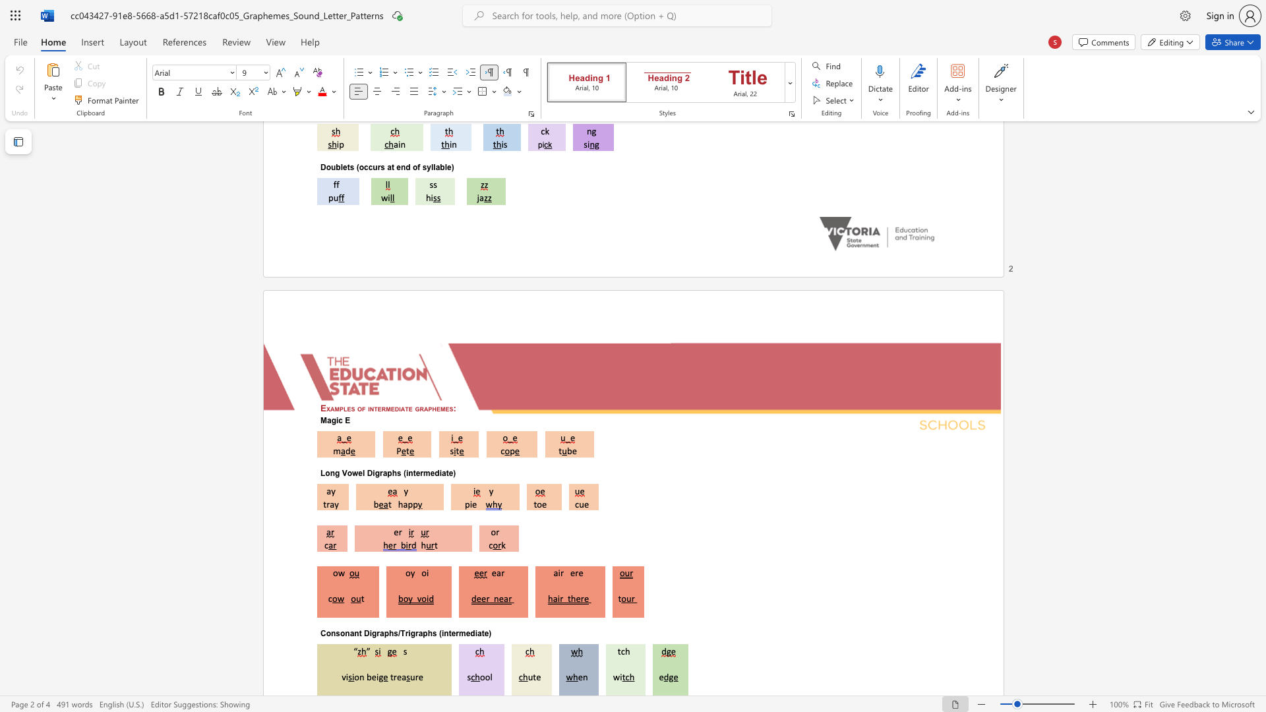 Image resolution: width=1266 pixels, height=712 pixels. What do you see at coordinates (442, 632) in the screenshot?
I see `the subset text "intermed" within the text "Consonant Digraphs/Trigraphs (intermediate)"` at bounding box center [442, 632].